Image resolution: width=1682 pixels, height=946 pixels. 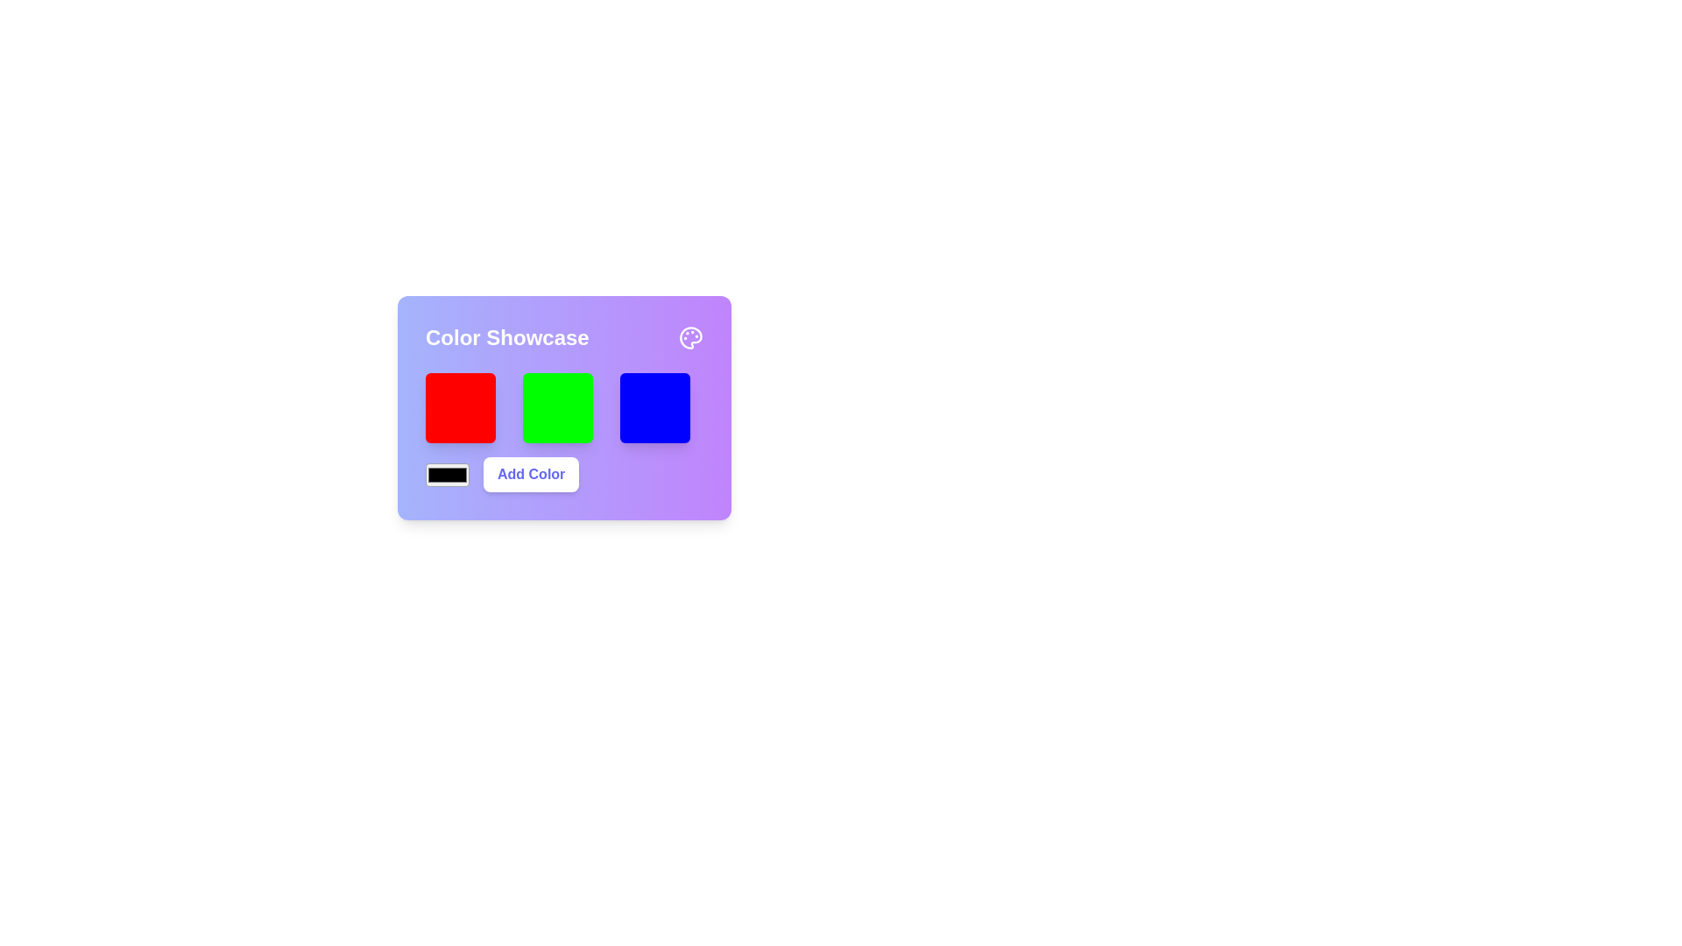 What do you see at coordinates (447, 475) in the screenshot?
I see `the Color Picker Input element` at bounding box center [447, 475].